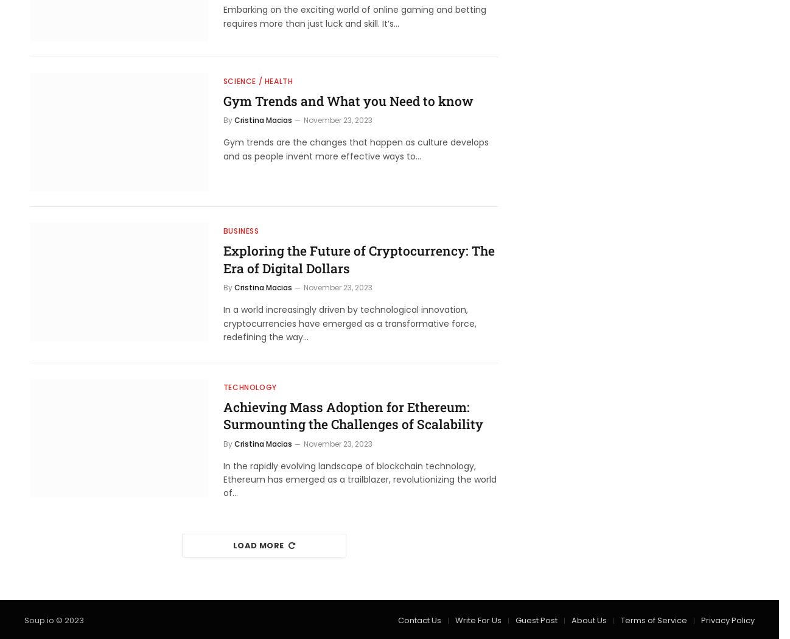 This screenshot has height=639, width=790. Describe the element at coordinates (589, 619) in the screenshot. I see `'About Us'` at that location.